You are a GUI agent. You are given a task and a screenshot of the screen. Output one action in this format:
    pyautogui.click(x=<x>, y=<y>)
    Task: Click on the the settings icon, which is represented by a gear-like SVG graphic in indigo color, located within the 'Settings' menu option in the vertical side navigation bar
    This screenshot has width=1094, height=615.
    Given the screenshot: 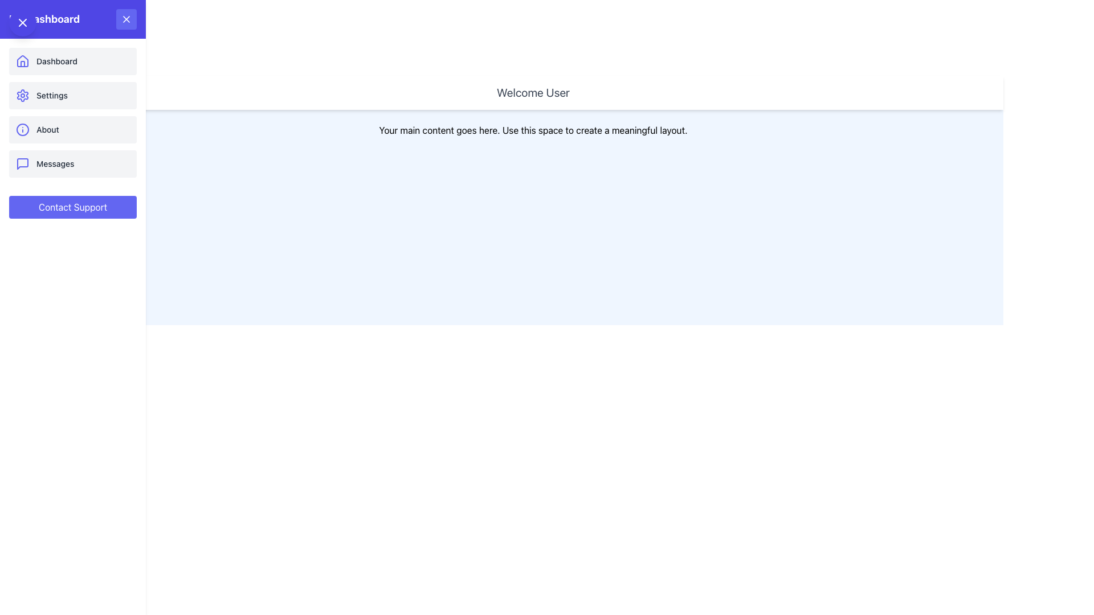 What is the action you would take?
    pyautogui.click(x=22, y=95)
    